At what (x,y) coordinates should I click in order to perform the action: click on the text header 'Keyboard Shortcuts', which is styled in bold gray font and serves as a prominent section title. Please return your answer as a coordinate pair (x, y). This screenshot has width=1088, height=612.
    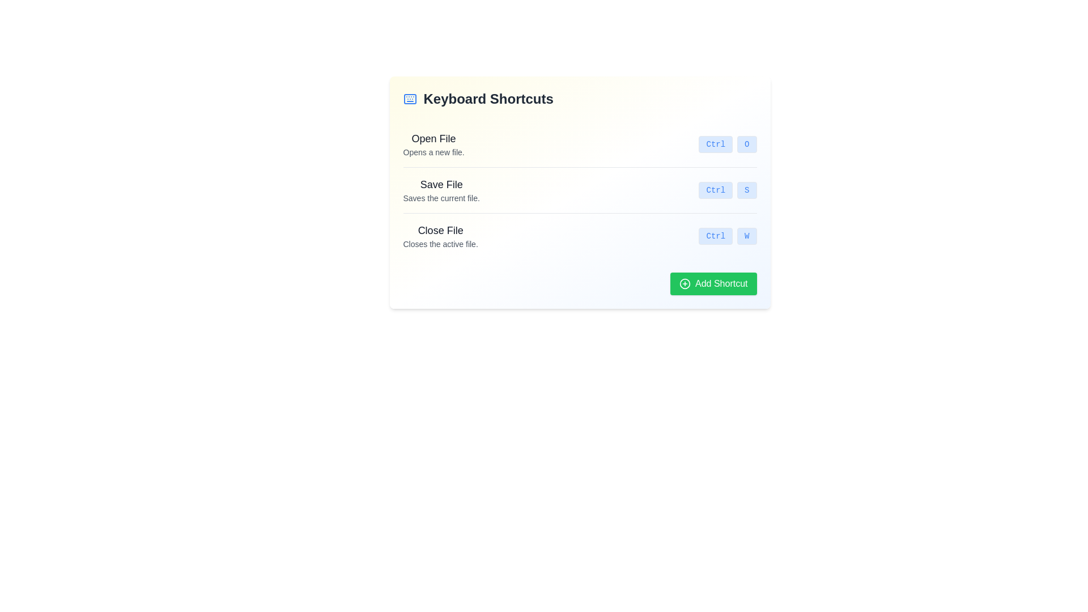
    Looking at the image, I should click on (488, 98).